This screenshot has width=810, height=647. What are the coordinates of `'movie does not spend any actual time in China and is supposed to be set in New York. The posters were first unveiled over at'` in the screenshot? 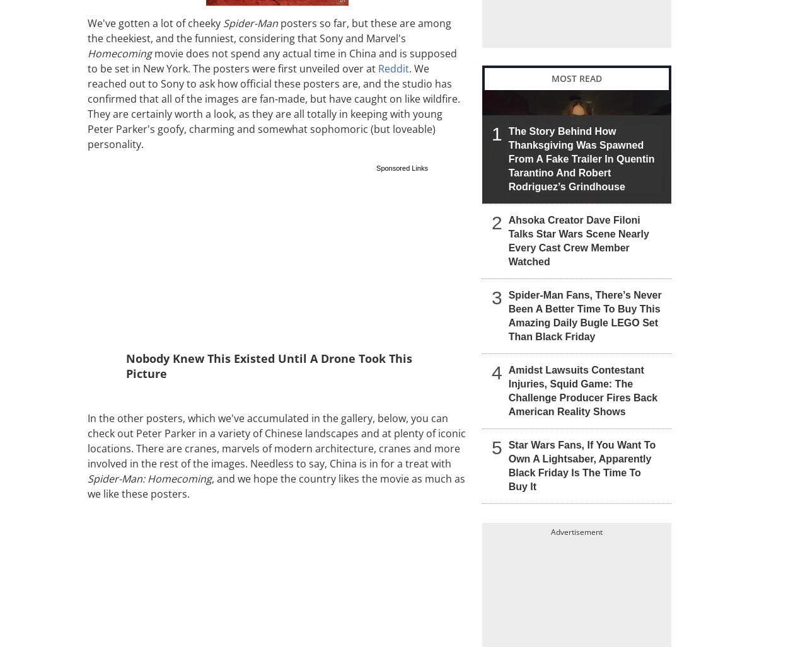 It's located at (272, 60).